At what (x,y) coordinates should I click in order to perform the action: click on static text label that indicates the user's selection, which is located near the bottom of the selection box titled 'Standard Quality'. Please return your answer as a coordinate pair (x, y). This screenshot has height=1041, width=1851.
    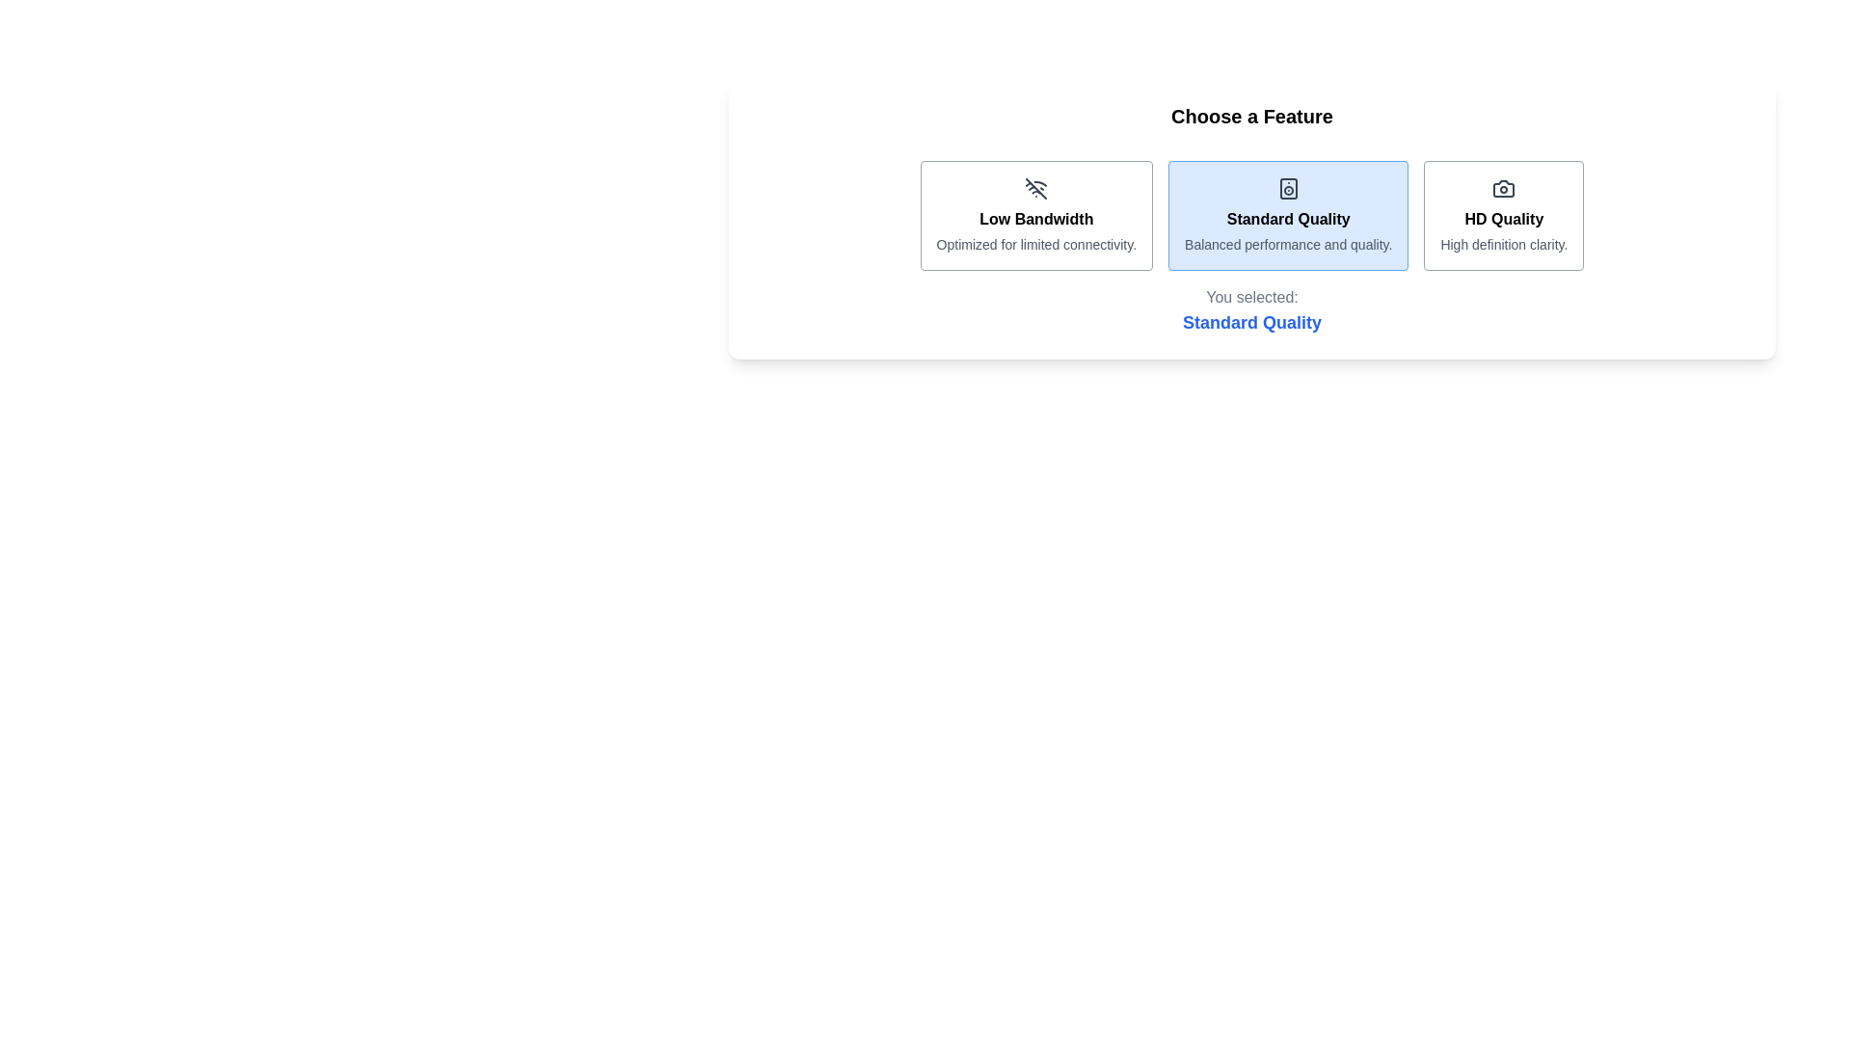
    Looking at the image, I should click on (1252, 297).